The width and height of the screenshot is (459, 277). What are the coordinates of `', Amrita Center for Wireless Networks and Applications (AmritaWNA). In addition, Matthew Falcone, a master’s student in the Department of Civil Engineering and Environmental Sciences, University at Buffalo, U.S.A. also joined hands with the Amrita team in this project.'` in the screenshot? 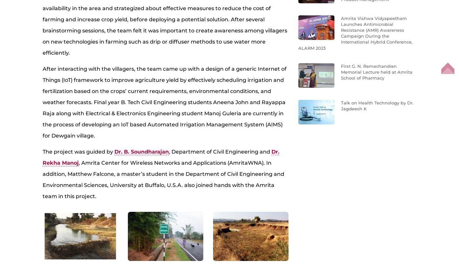 It's located at (163, 179).